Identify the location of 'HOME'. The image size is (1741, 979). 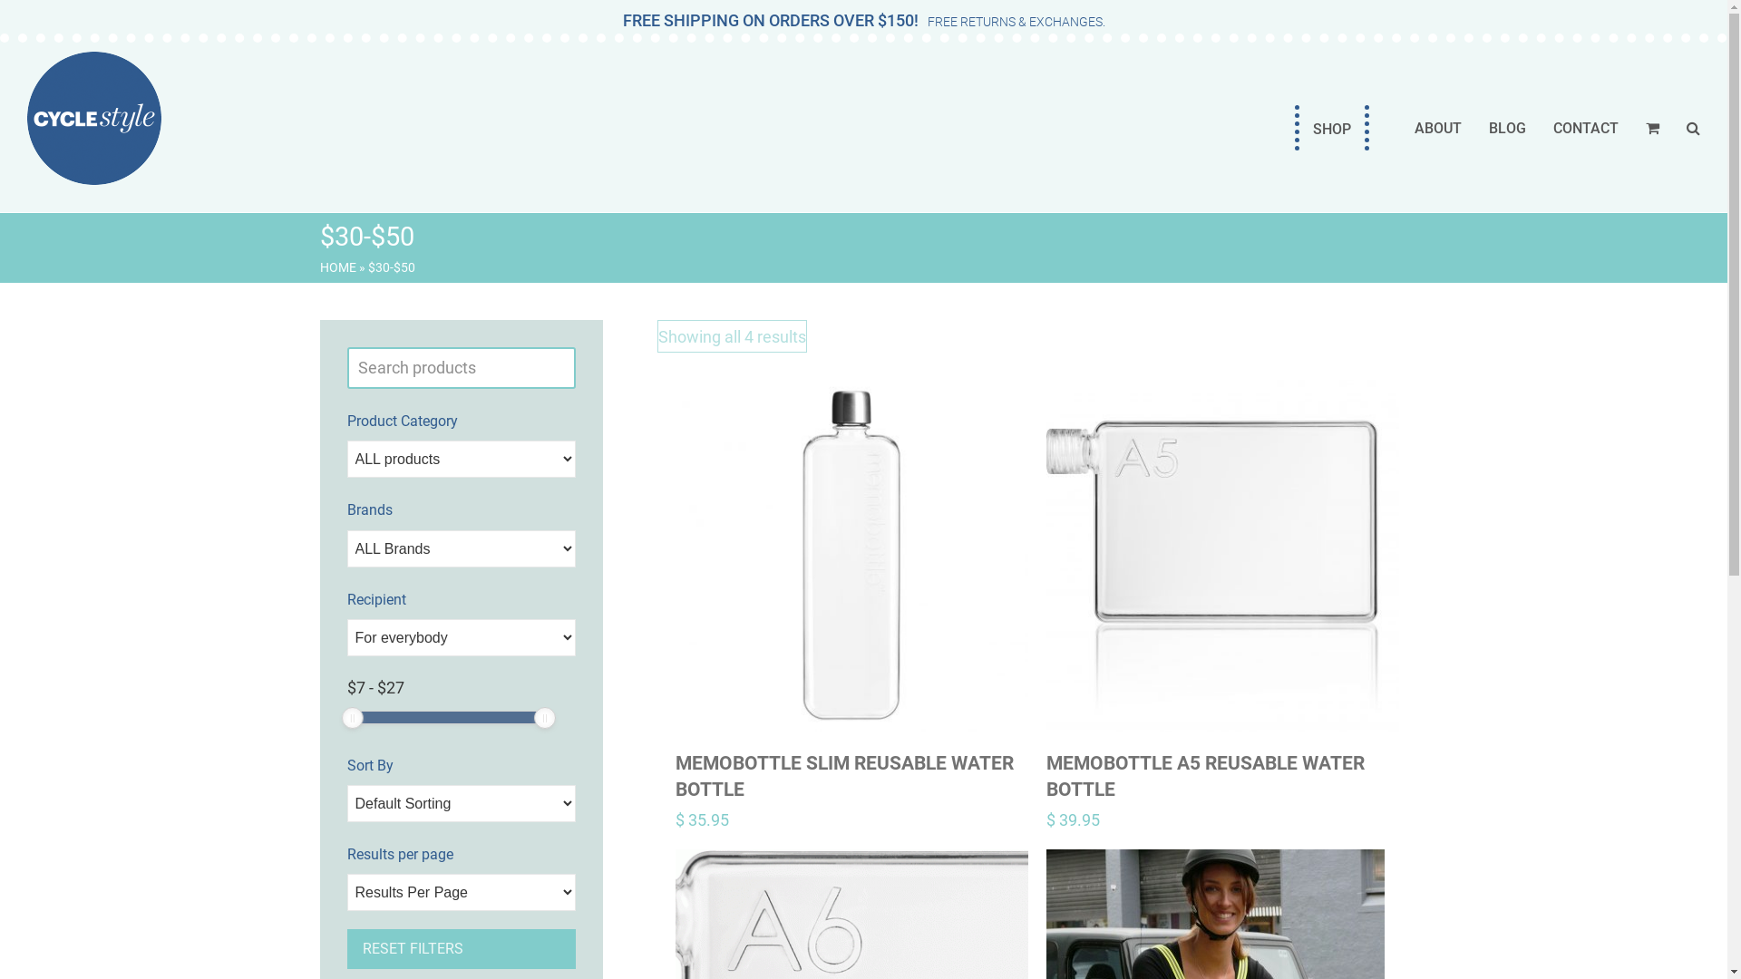
(336, 267).